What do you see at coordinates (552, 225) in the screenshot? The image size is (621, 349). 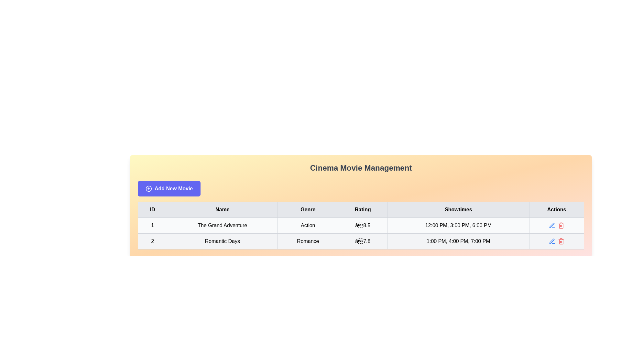 I see `the edit button in the Actions column of the second row of the table` at bounding box center [552, 225].